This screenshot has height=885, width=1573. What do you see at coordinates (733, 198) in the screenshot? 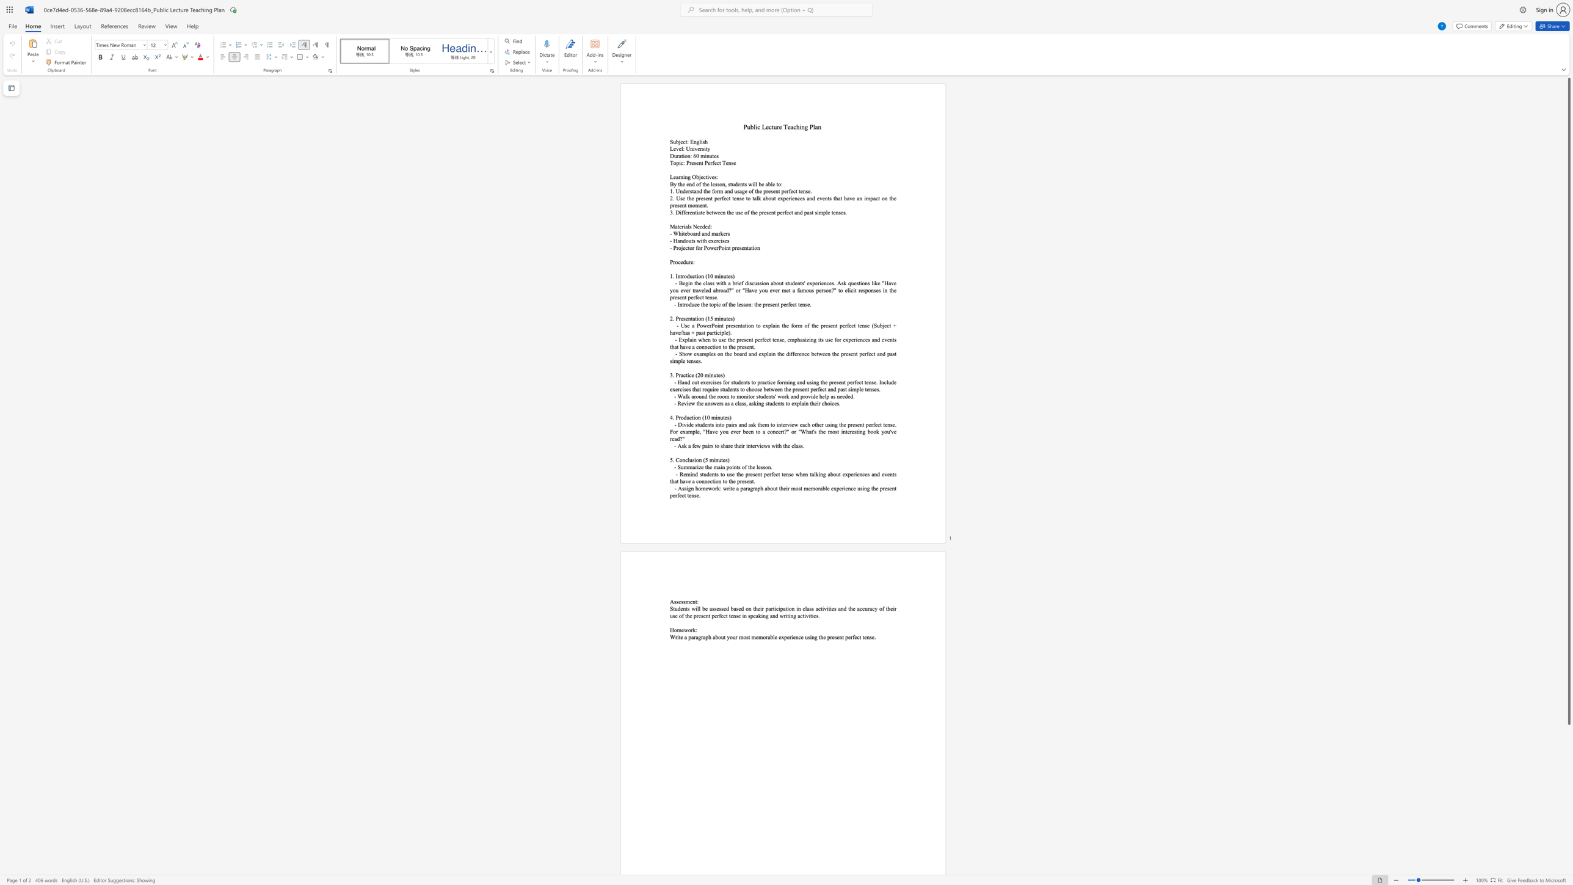
I see `the subset text "ense to talk about experiences and events that have an impact on th" within the text "2. Use the present perfect tense to talk about experiences and events that have an impact on the present moment."` at bounding box center [733, 198].